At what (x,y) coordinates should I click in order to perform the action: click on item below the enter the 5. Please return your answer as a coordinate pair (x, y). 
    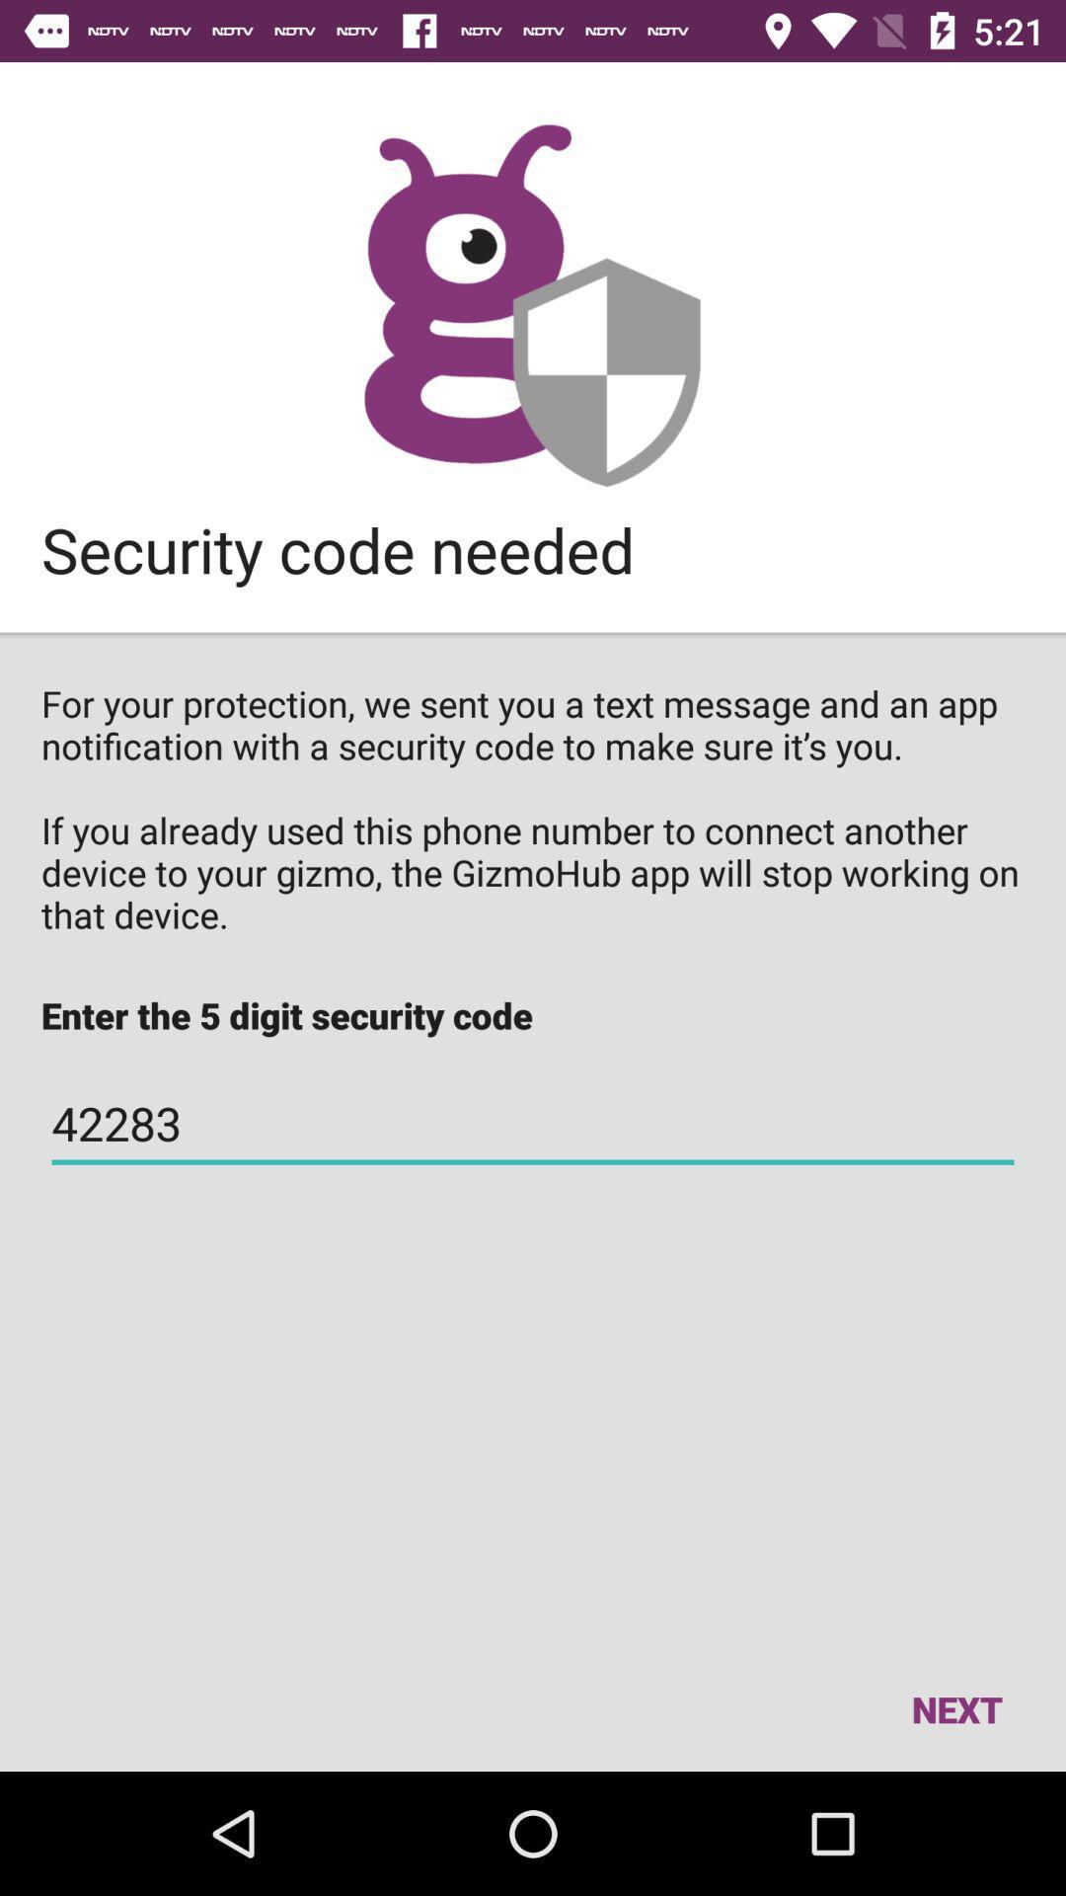
    Looking at the image, I should click on (533, 1124).